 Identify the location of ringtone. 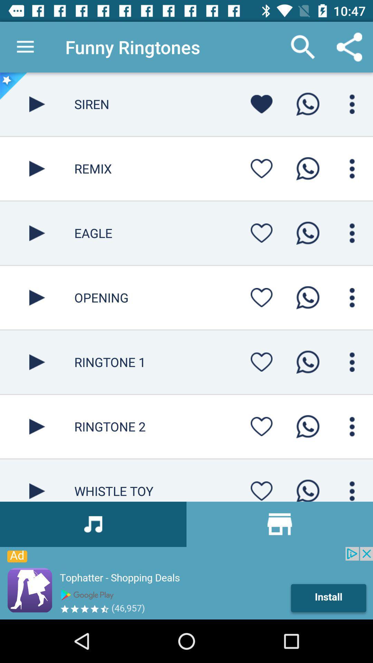
(307, 426).